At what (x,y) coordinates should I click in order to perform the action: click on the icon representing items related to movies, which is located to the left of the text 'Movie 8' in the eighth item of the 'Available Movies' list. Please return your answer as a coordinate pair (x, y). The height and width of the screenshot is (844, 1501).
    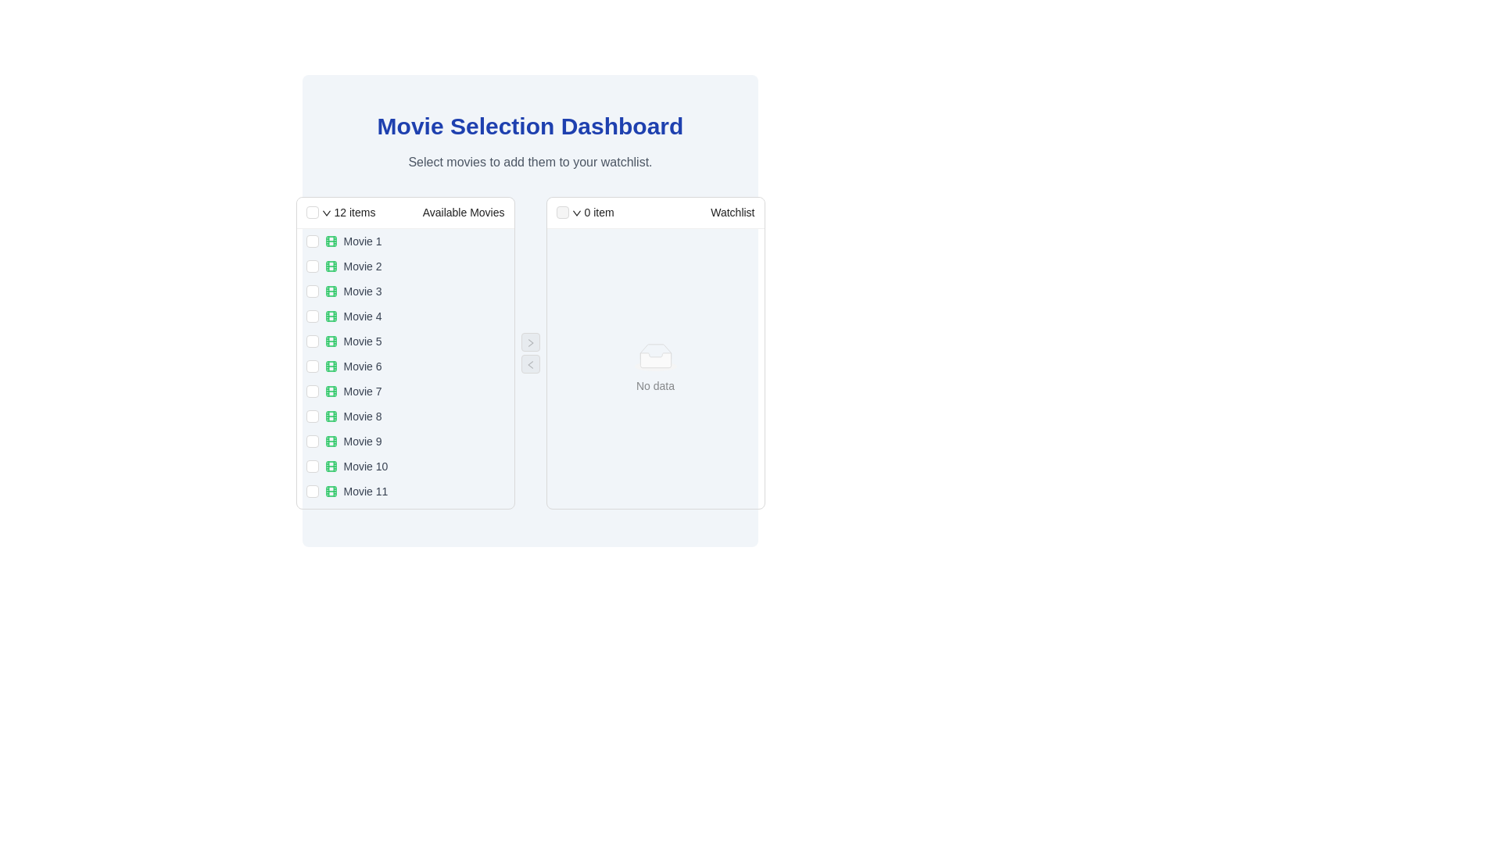
    Looking at the image, I should click on (330, 415).